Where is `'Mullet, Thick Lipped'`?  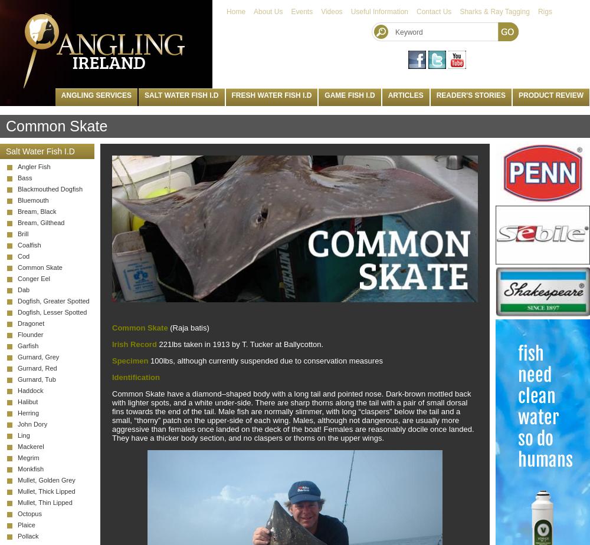 'Mullet, Thick Lipped' is located at coordinates (45, 491).